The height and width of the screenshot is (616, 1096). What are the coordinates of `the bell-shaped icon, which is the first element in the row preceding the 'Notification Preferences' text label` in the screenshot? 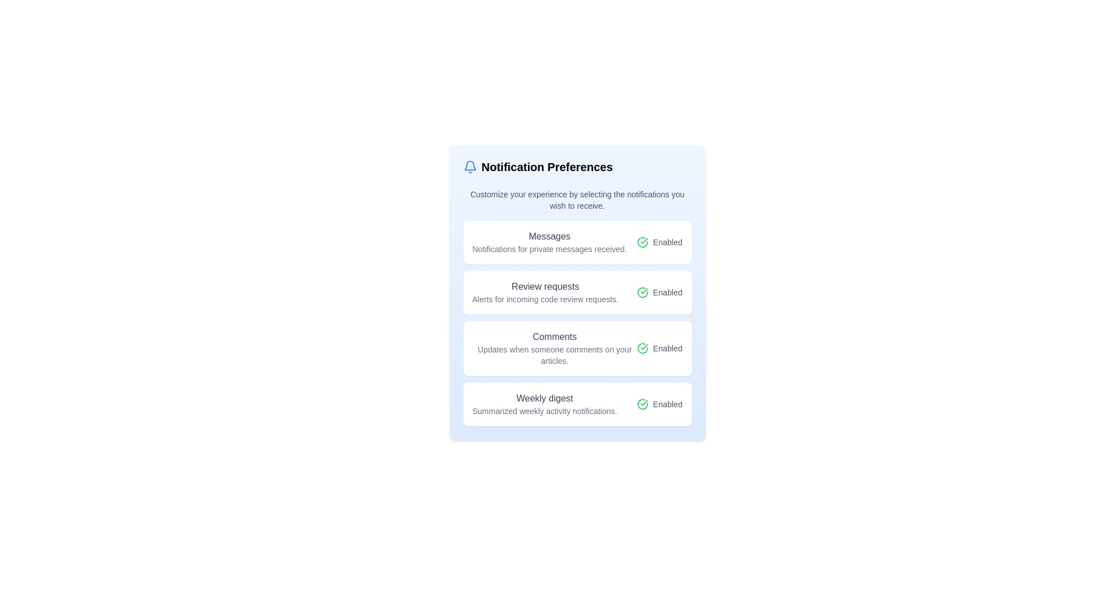 It's located at (470, 167).